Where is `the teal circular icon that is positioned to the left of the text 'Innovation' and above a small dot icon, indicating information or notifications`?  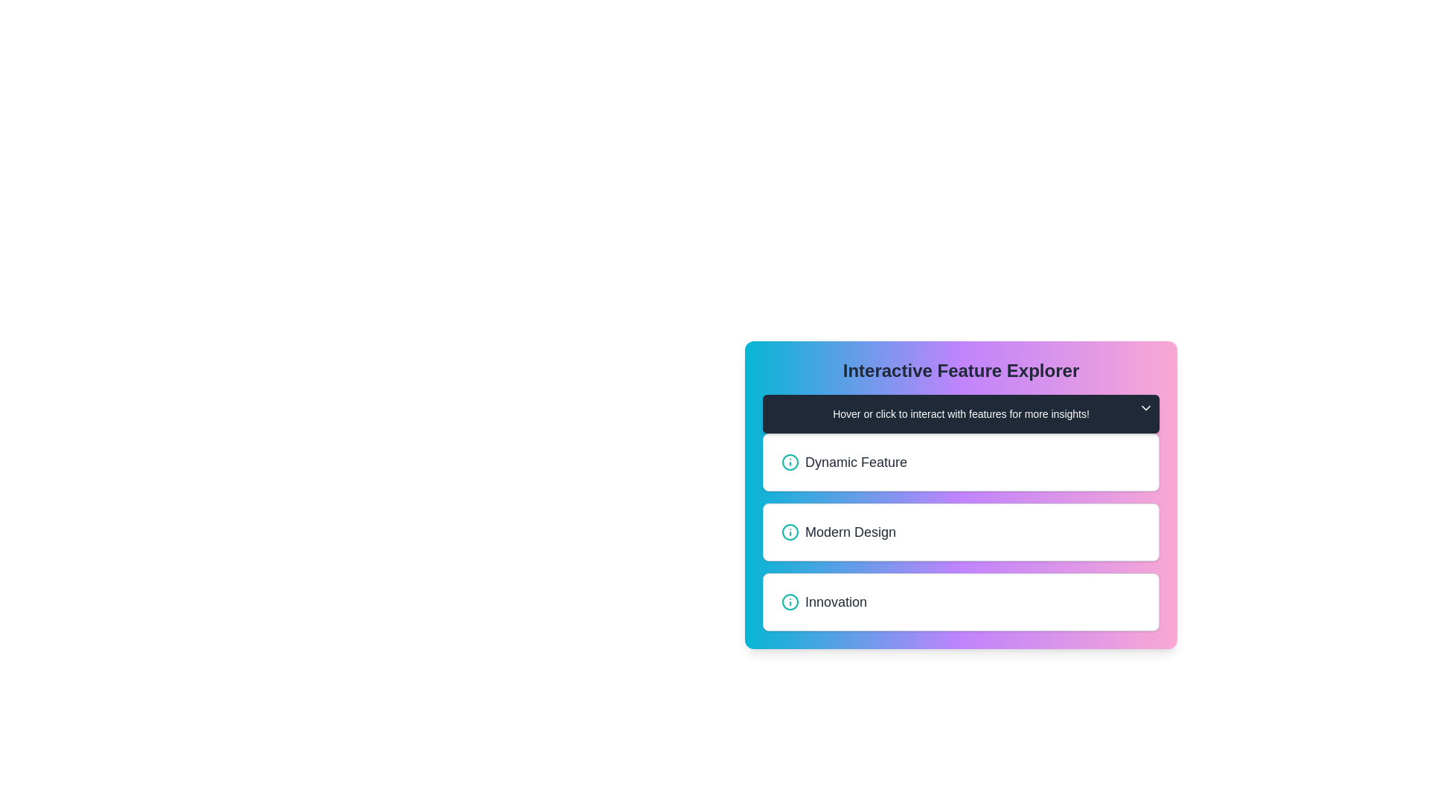 the teal circular icon that is positioned to the left of the text 'Innovation' and above a small dot icon, indicating information or notifications is located at coordinates (789, 602).